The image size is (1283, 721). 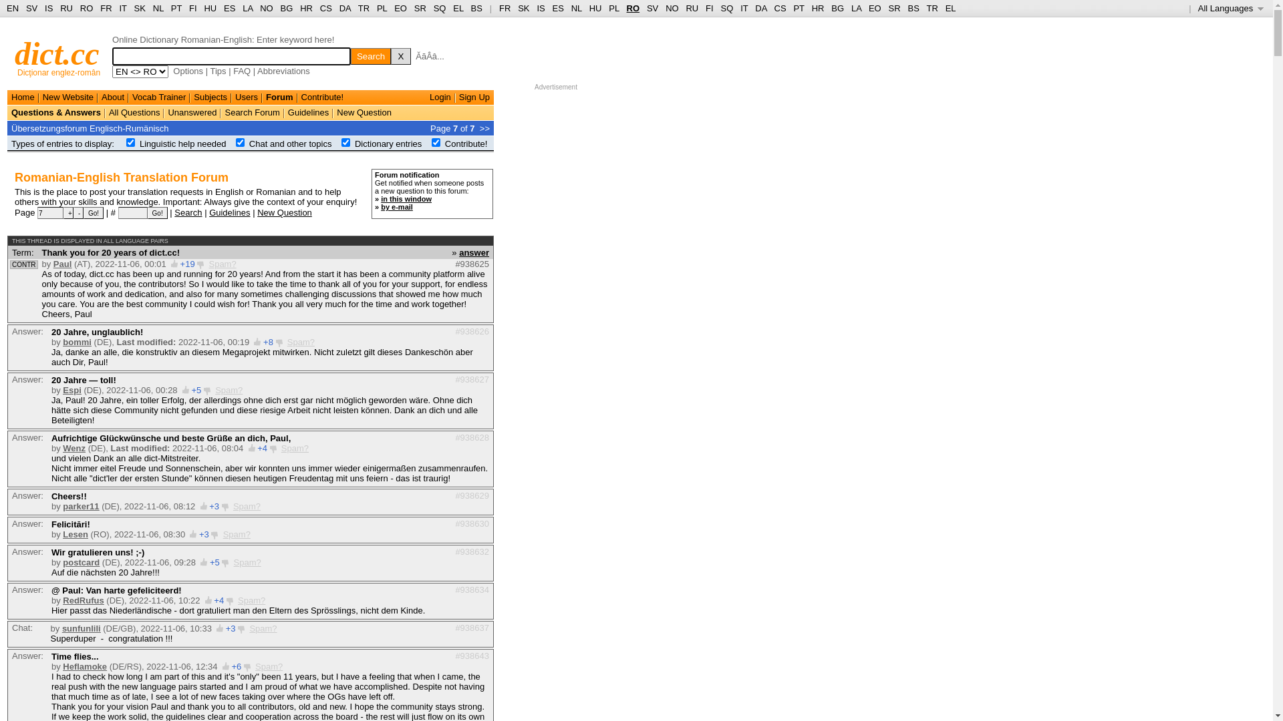 What do you see at coordinates (75, 533) in the screenshot?
I see `'Lesen'` at bounding box center [75, 533].